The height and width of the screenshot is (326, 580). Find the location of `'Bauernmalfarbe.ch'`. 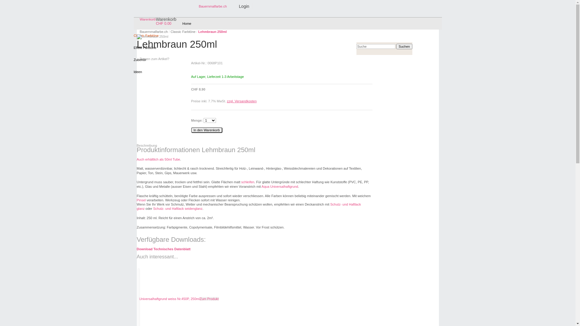

'Bauernmalfarbe.ch' is located at coordinates (154, 31).